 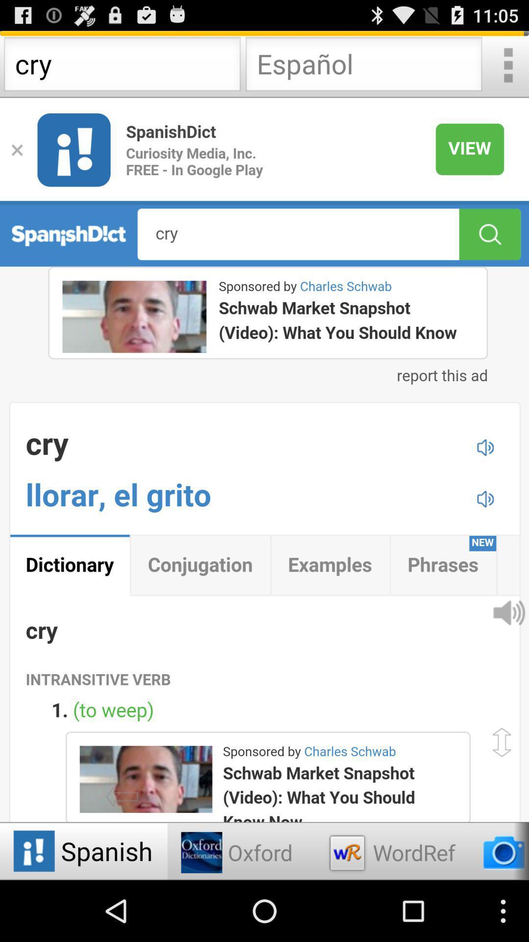 What do you see at coordinates (507, 655) in the screenshot?
I see `the volume icon` at bounding box center [507, 655].